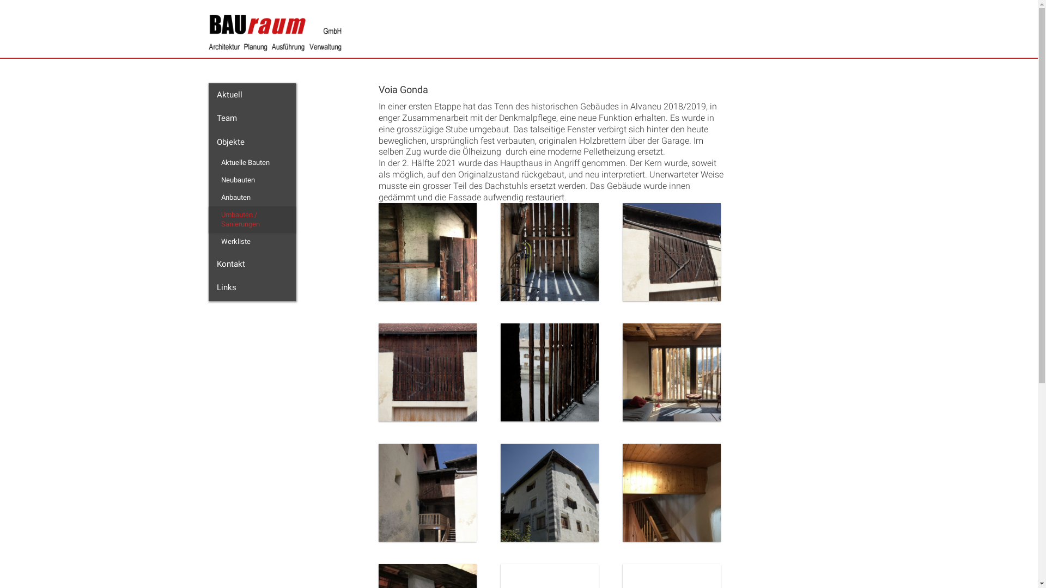 This screenshot has width=1046, height=588. Describe the element at coordinates (251, 94) in the screenshot. I see `'Aktuell'` at that location.